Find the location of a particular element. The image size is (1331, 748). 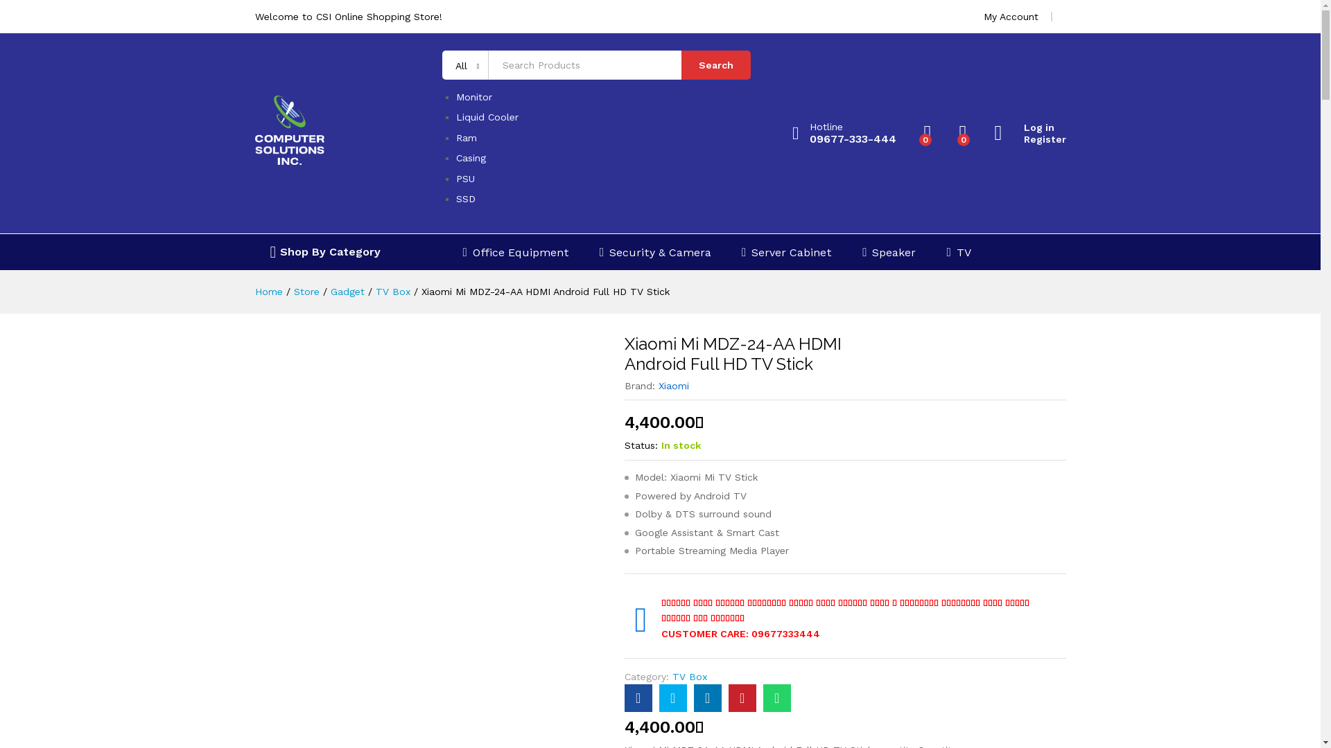

'PSU' is located at coordinates (465, 178).